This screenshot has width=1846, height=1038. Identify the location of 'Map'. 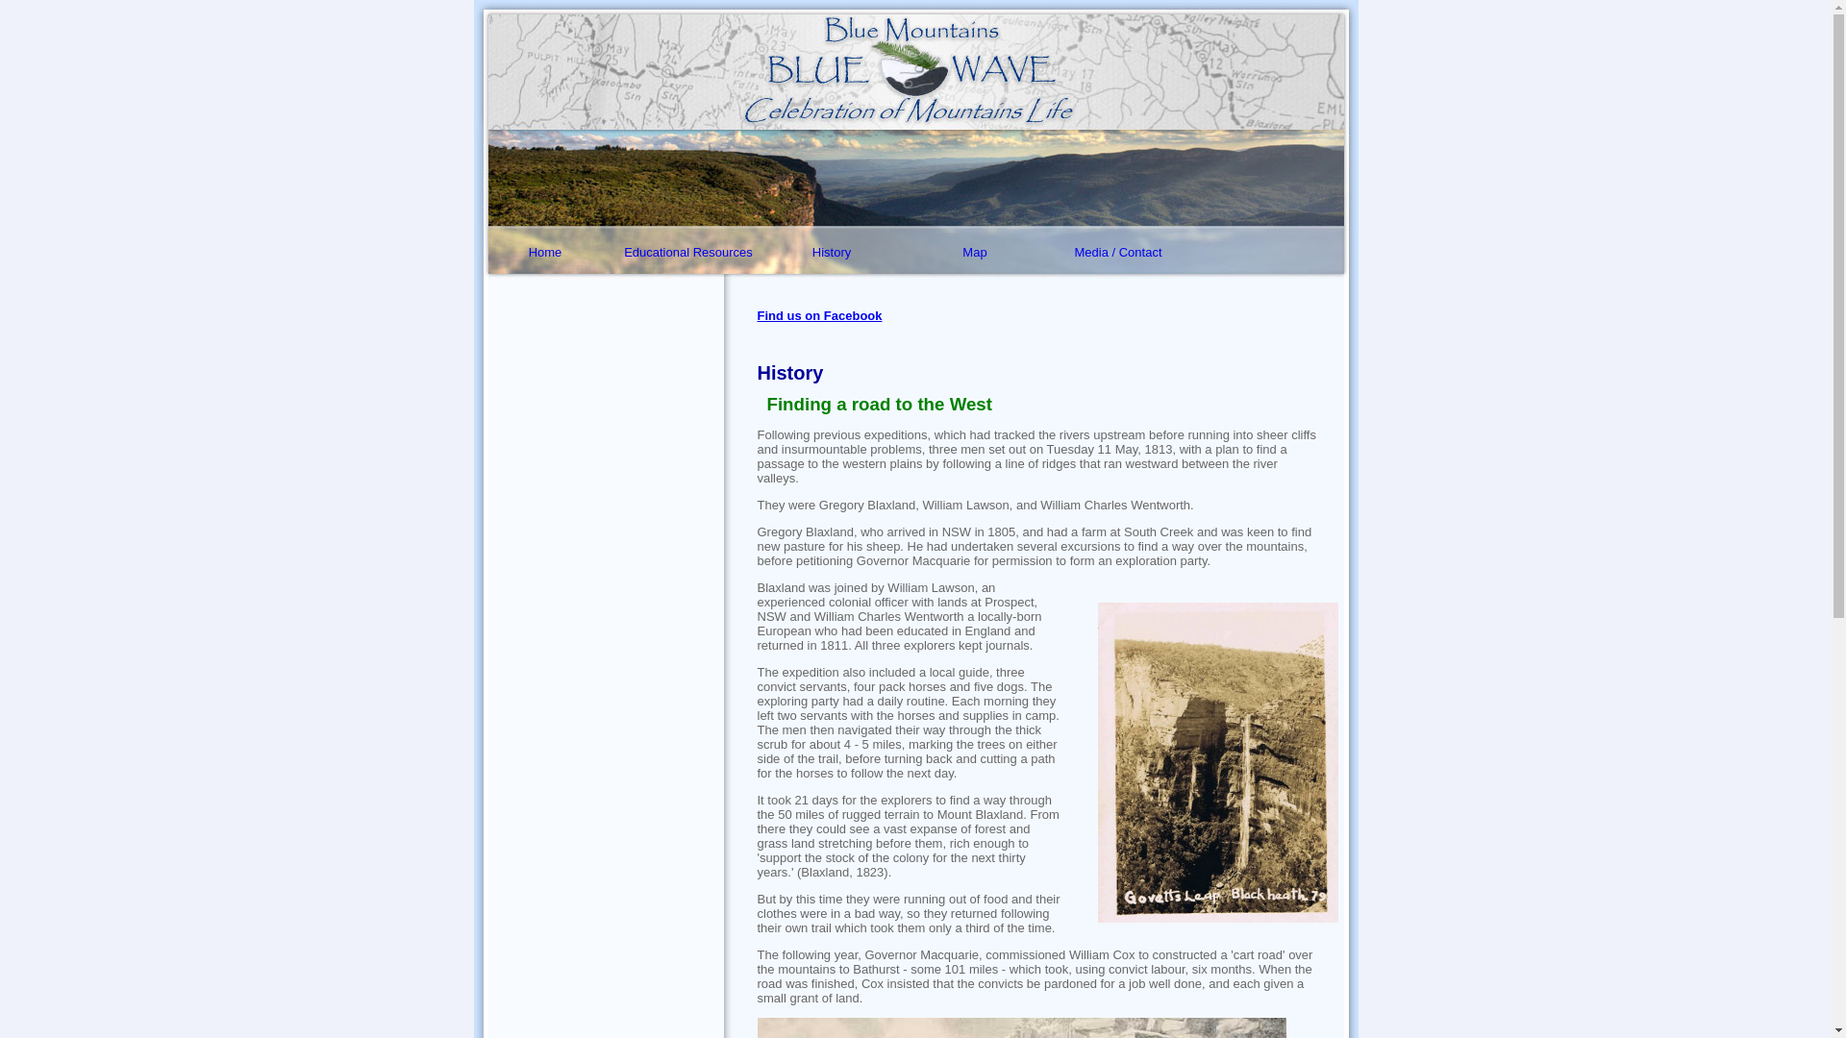
(975, 251).